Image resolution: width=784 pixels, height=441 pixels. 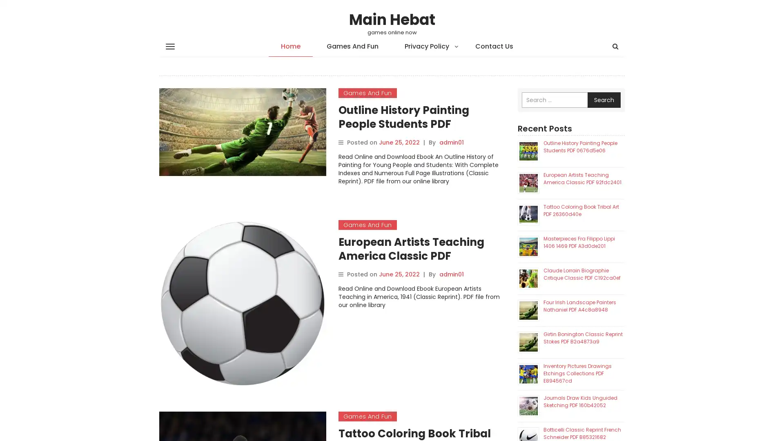 I want to click on Search, so click(x=604, y=100).